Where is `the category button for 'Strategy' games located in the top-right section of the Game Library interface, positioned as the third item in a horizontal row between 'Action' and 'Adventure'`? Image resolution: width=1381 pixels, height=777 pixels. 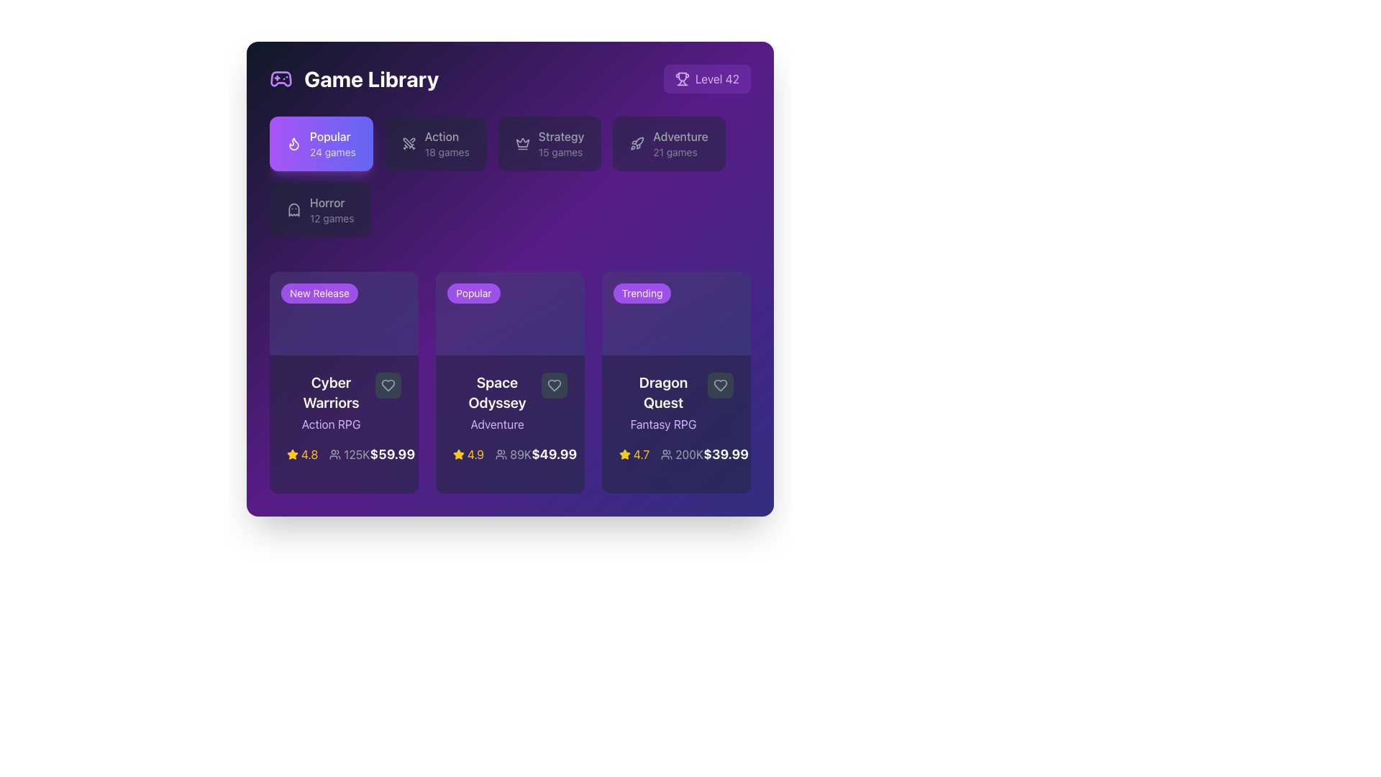 the category button for 'Strategy' games located in the top-right section of the Game Library interface, positioned as the third item in a horizontal row between 'Action' and 'Adventure' is located at coordinates (549, 144).